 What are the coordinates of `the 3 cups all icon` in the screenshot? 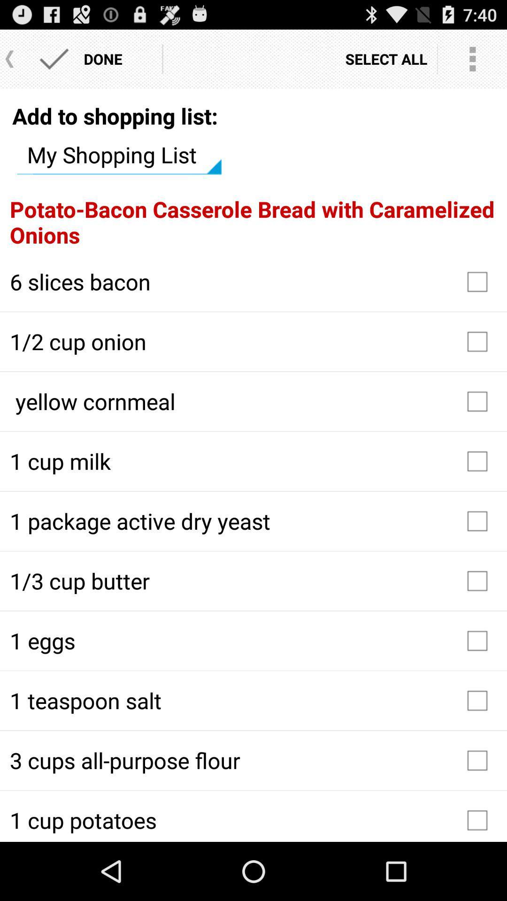 It's located at (253, 760).